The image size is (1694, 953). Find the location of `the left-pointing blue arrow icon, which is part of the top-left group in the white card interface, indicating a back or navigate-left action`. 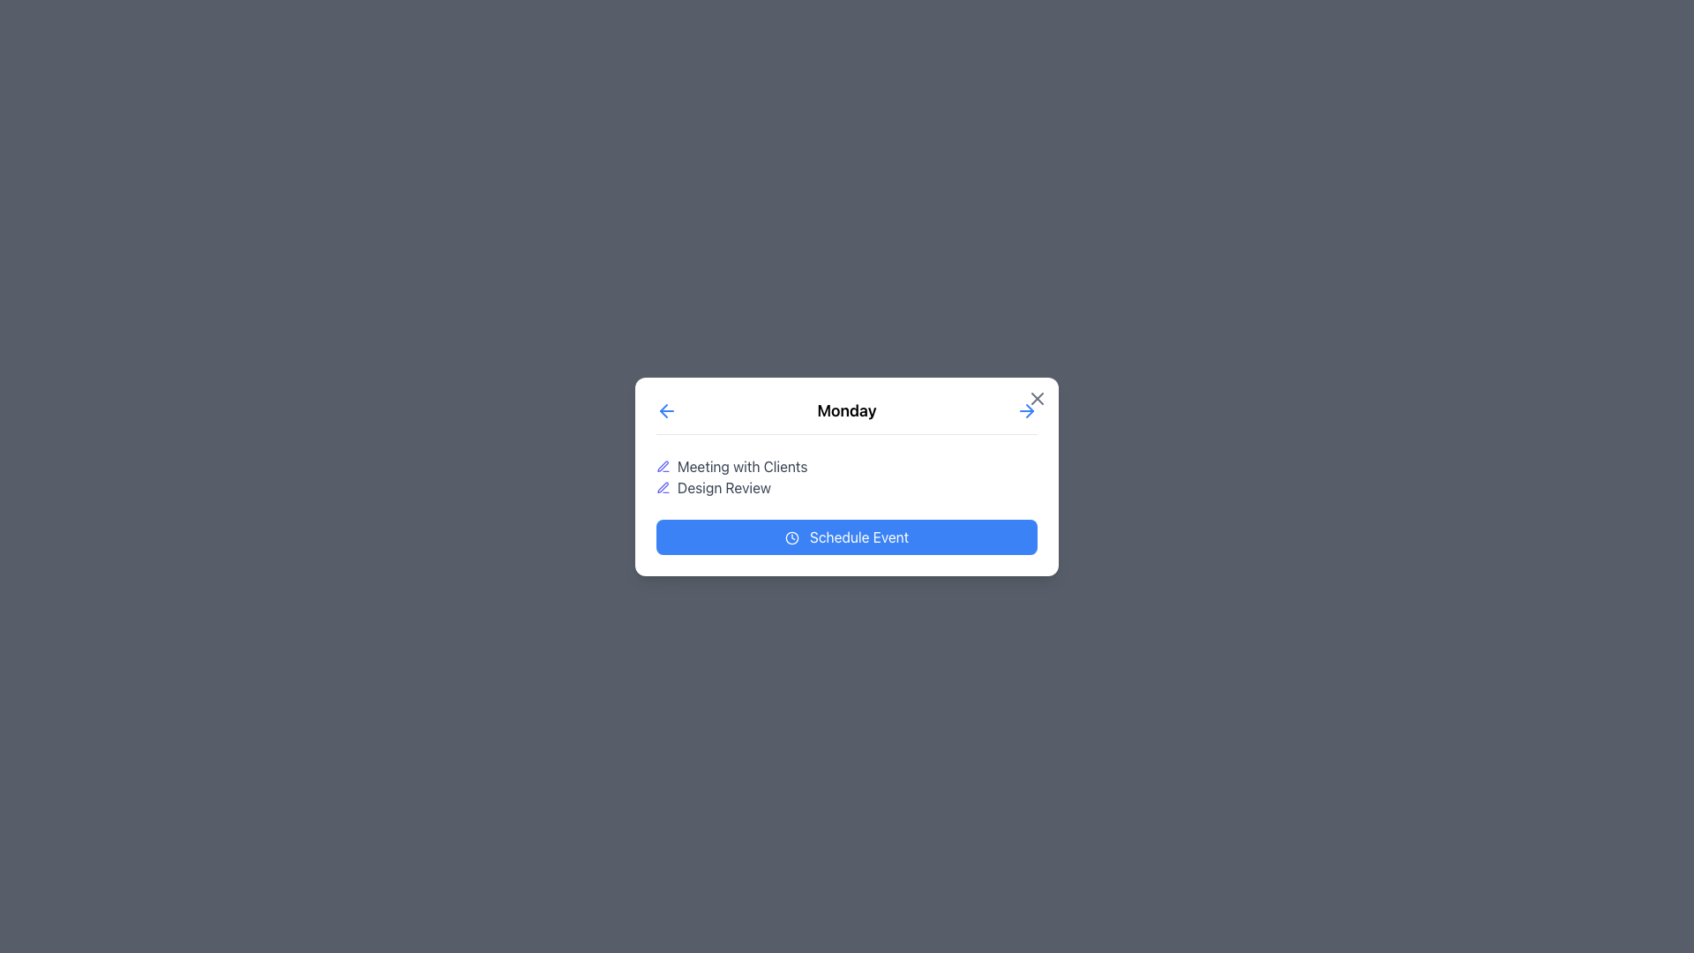

the left-pointing blue arrow icon, which is part of the top-left group in the white card interface, indicating a back or navigate-left action is located at coordinates (663, 410).